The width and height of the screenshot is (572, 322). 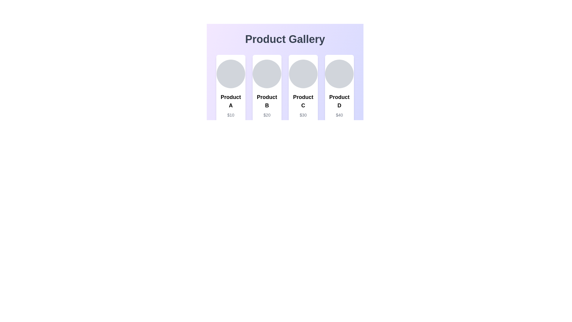 What do you see at coordinates (339, 101) in the screenshot?
I see `text from the bold label displaying 'Product D', which is positioned in the product card layout above the price information` at bounding box center [339, 101].